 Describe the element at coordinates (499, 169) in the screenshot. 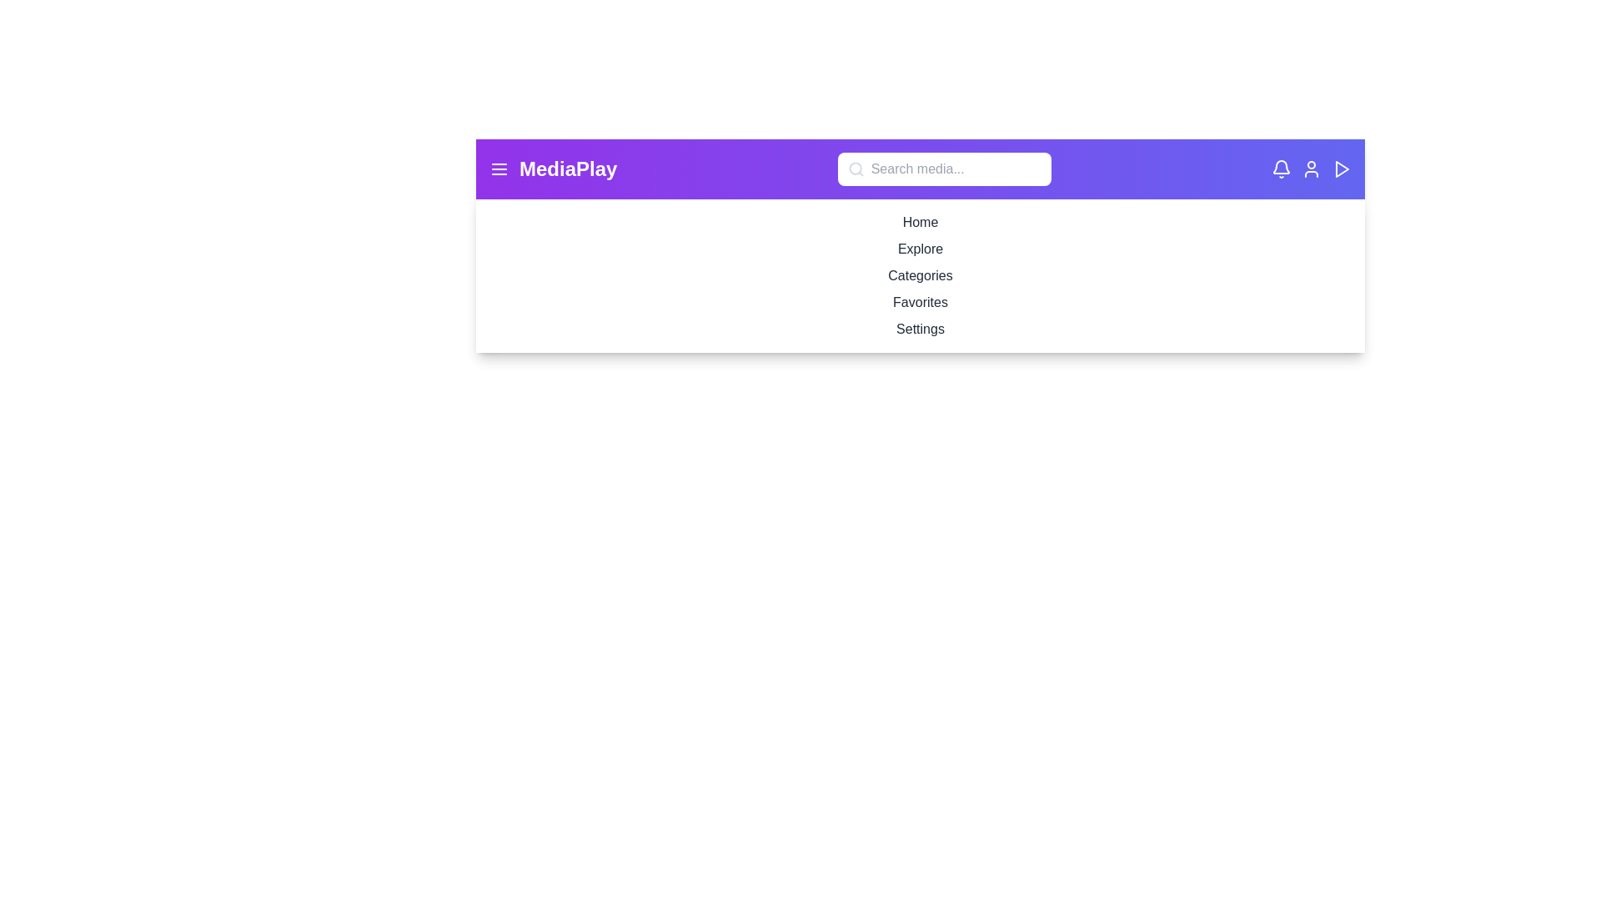

I see `the menu icon located at the top-left corner of the interface within the purple header bar, which is part of the 'MediaPlay' group` at that location.